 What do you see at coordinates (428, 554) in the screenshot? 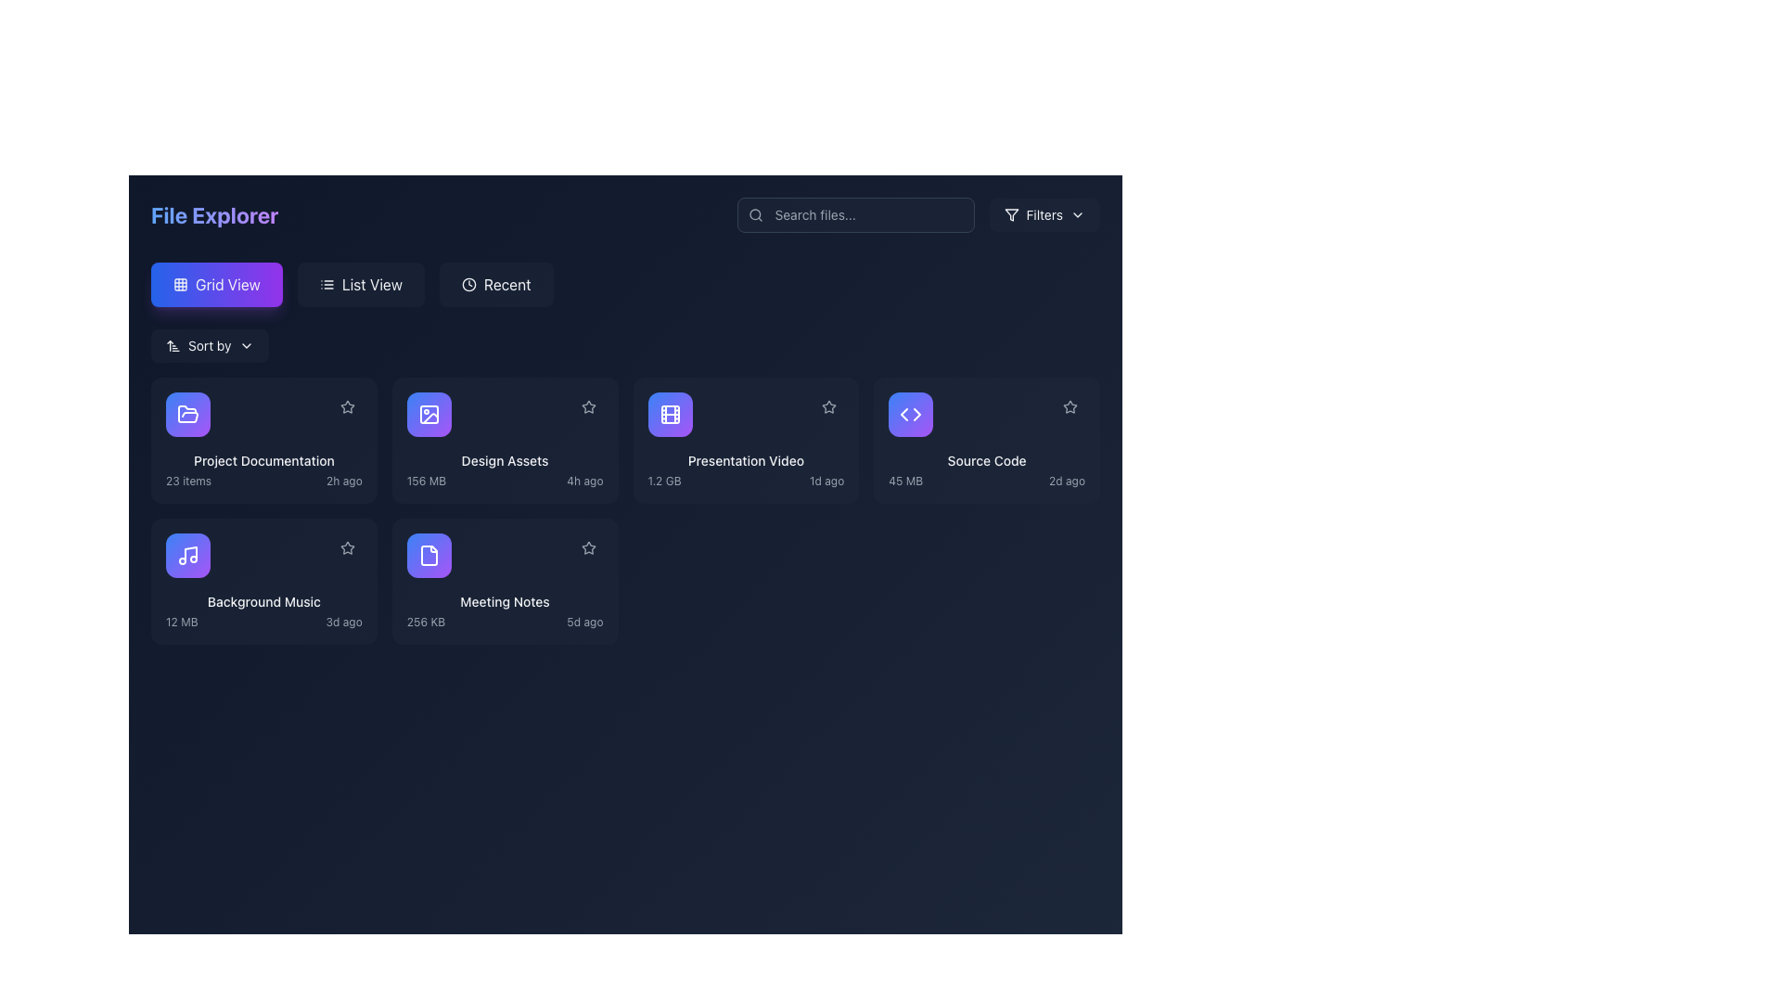
I see `the document icon representing the file 'Meeting Notes' located in the second row and second column of the 'File Explorer' grid view layout` at bounding box center [428, 554].